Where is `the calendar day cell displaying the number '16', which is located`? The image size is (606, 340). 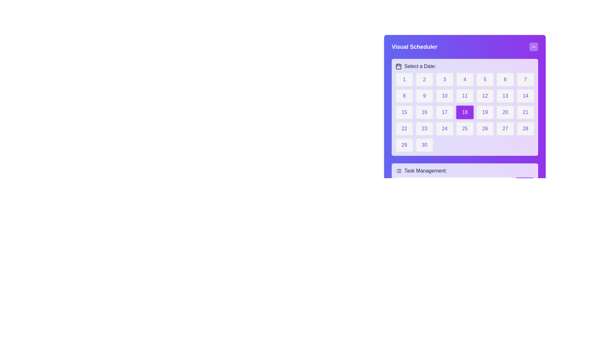 the calendar day cell displaying the number '16', which is located is located at coordinates (424, 112).